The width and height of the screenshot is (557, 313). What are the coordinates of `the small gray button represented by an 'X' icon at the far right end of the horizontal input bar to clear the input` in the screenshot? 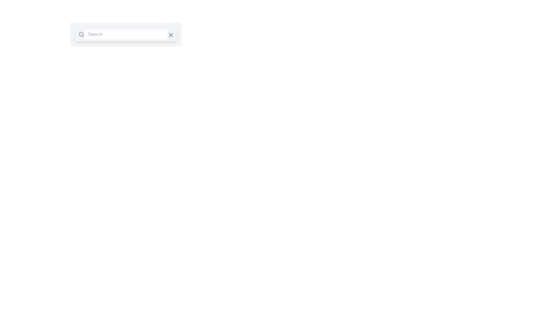 It's located at (170, 34).